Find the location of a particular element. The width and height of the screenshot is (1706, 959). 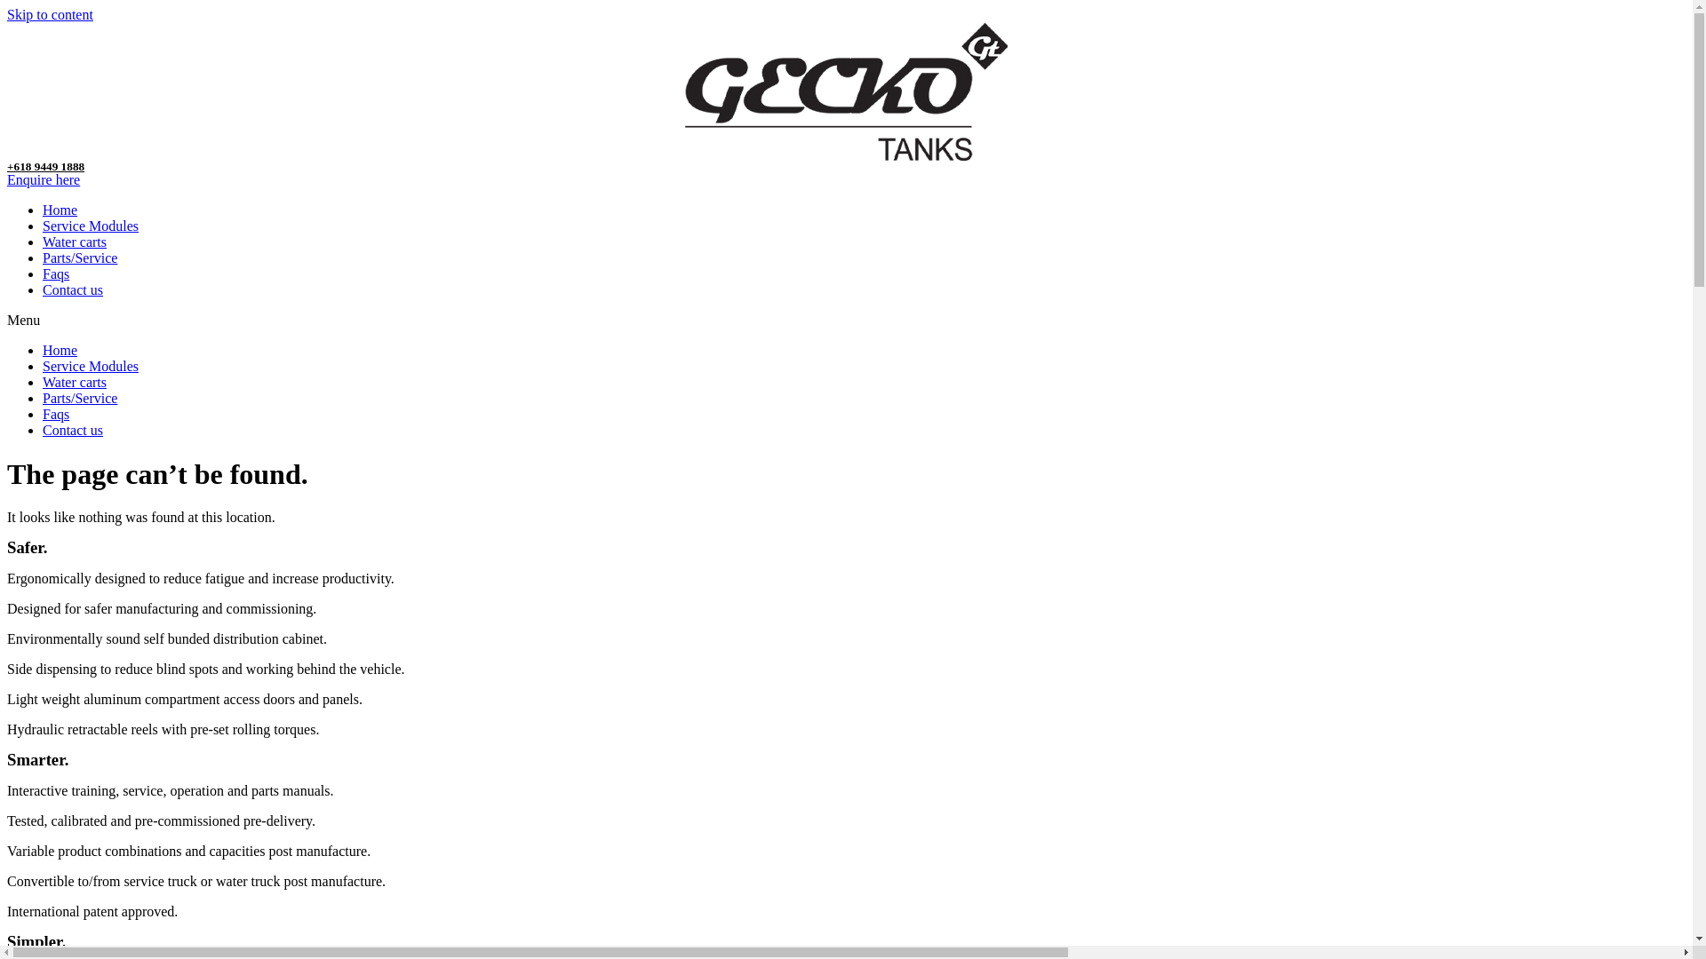

'Contact us' is located at coordinates (71, 430).